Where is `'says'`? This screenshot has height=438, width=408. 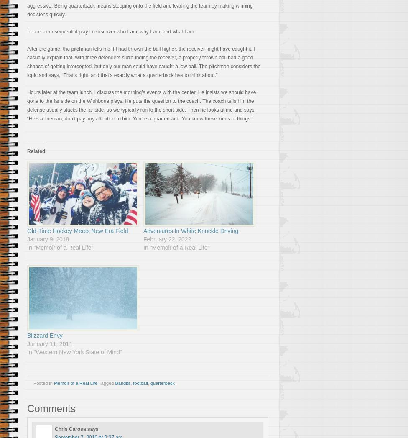 'says' is located at coordinates (92, 429).